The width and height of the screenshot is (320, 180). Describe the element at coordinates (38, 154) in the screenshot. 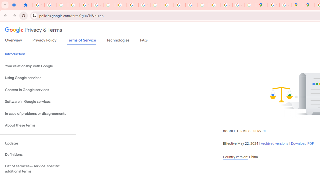

I see `'Definitions'` at that location.